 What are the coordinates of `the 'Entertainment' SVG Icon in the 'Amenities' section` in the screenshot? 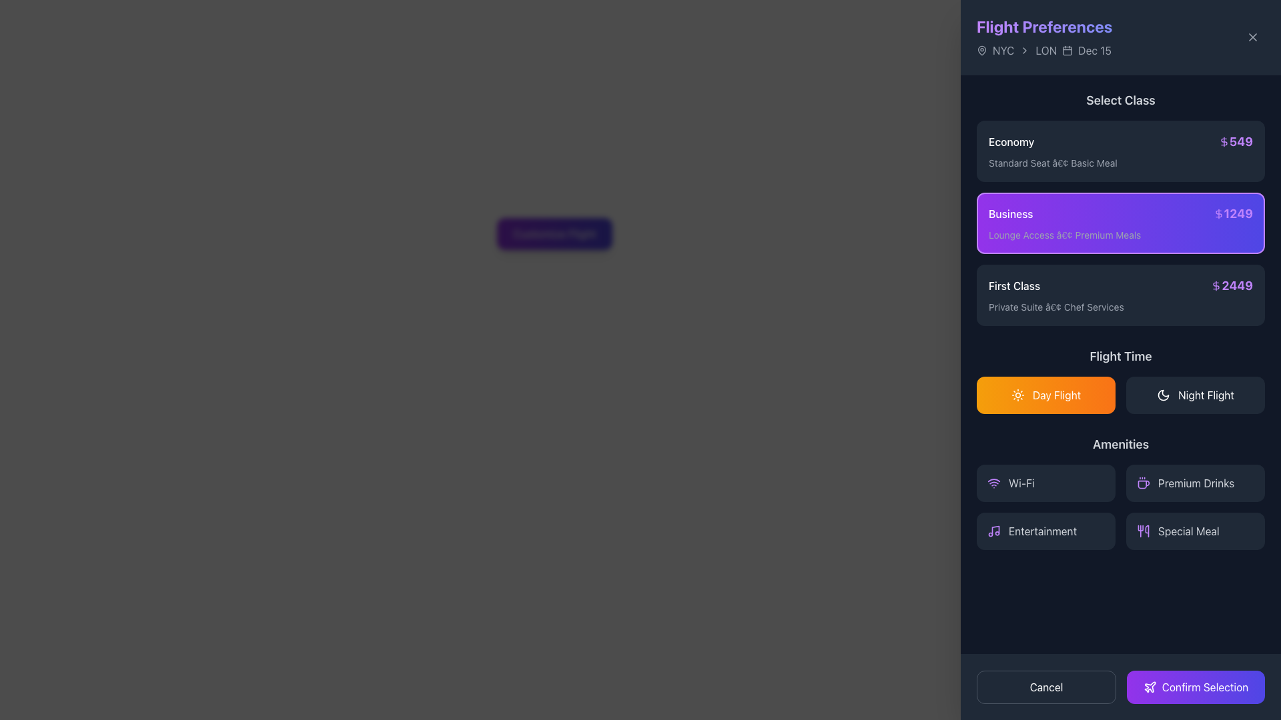 It's located at (993, 531).